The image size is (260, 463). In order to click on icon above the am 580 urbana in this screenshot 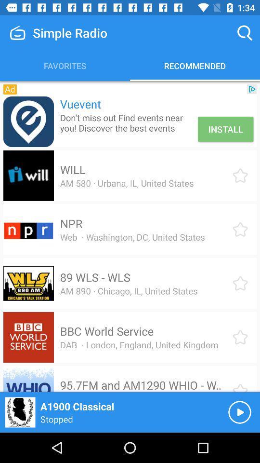, I will do `click(72, 169)`.